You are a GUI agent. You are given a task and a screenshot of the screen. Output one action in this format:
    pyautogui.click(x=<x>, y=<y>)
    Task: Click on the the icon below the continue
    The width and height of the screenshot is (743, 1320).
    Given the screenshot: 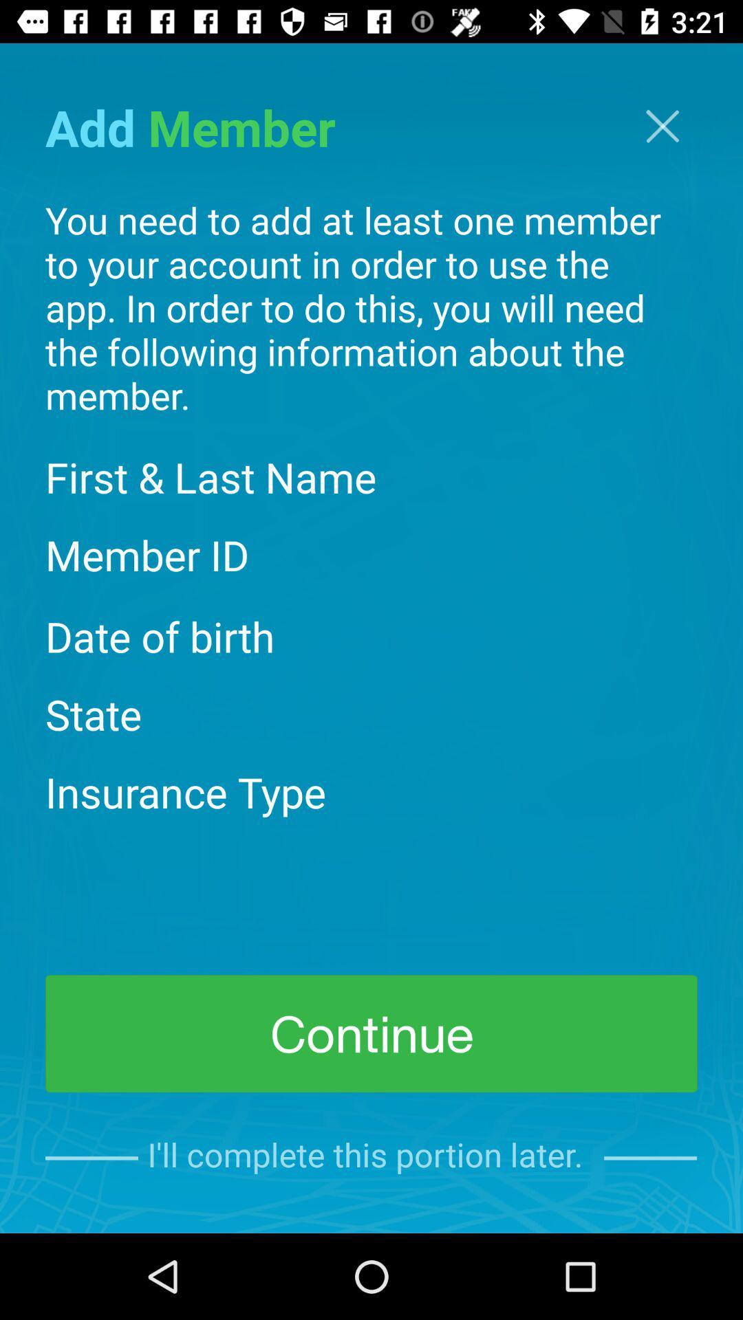 What is the action you would take?
    pyautogui.click(x=370, y=1157)
    